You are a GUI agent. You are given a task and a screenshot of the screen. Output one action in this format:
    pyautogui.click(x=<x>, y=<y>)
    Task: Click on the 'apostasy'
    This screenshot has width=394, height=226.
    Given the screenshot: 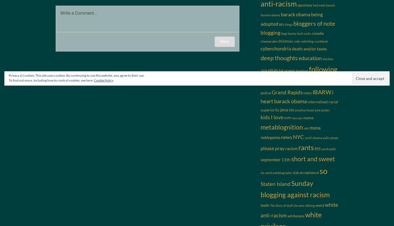 What is the action you would take?
    pyautogui.click(x=305, y=5)
    